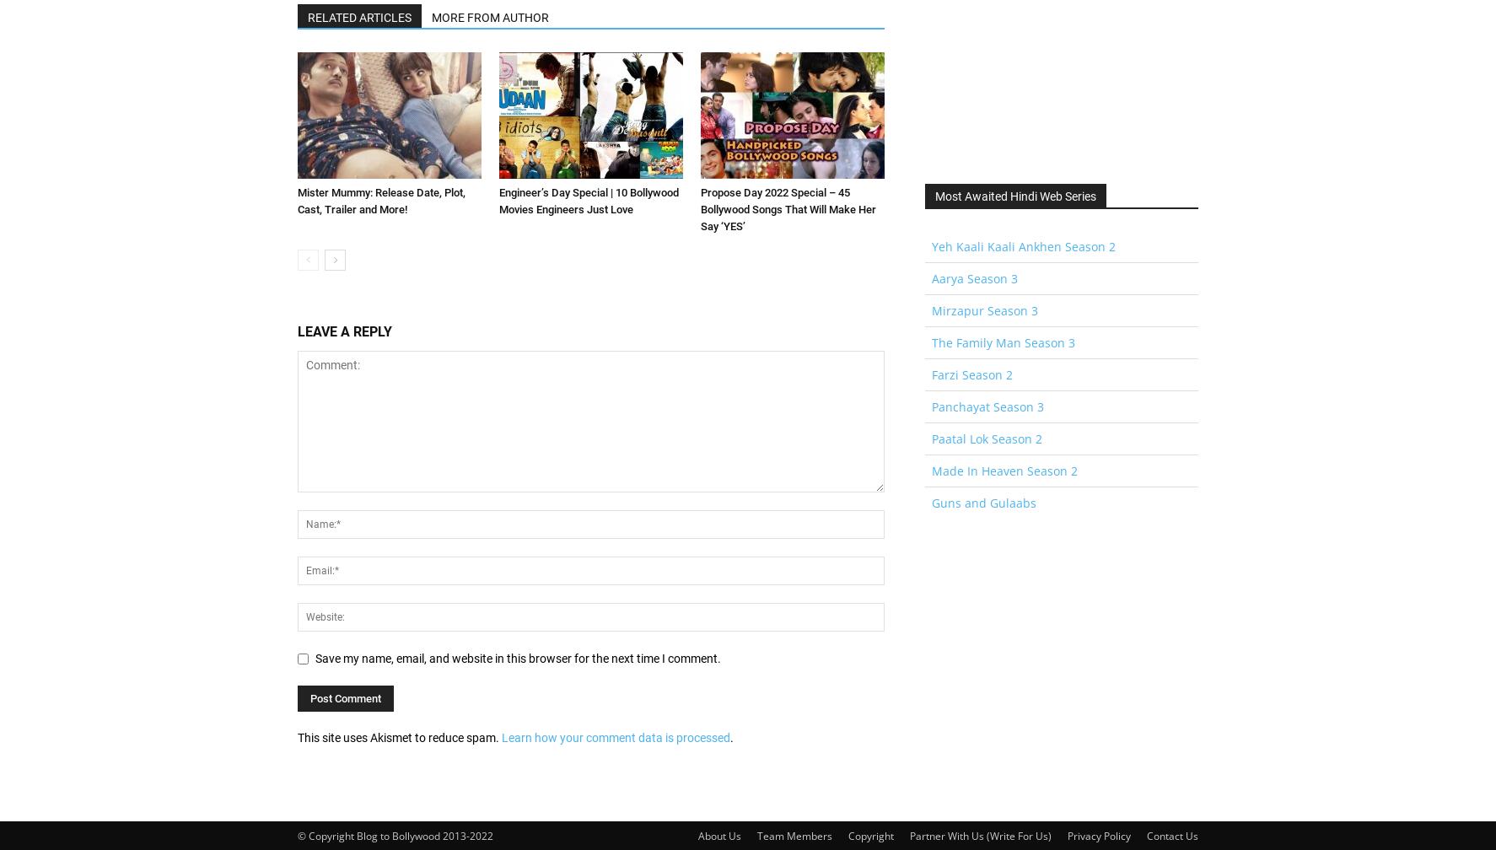 The width and height of the screenshot is (1496, 850). I want to click on 'Learn how your comment data is processed', so click(615, 737).